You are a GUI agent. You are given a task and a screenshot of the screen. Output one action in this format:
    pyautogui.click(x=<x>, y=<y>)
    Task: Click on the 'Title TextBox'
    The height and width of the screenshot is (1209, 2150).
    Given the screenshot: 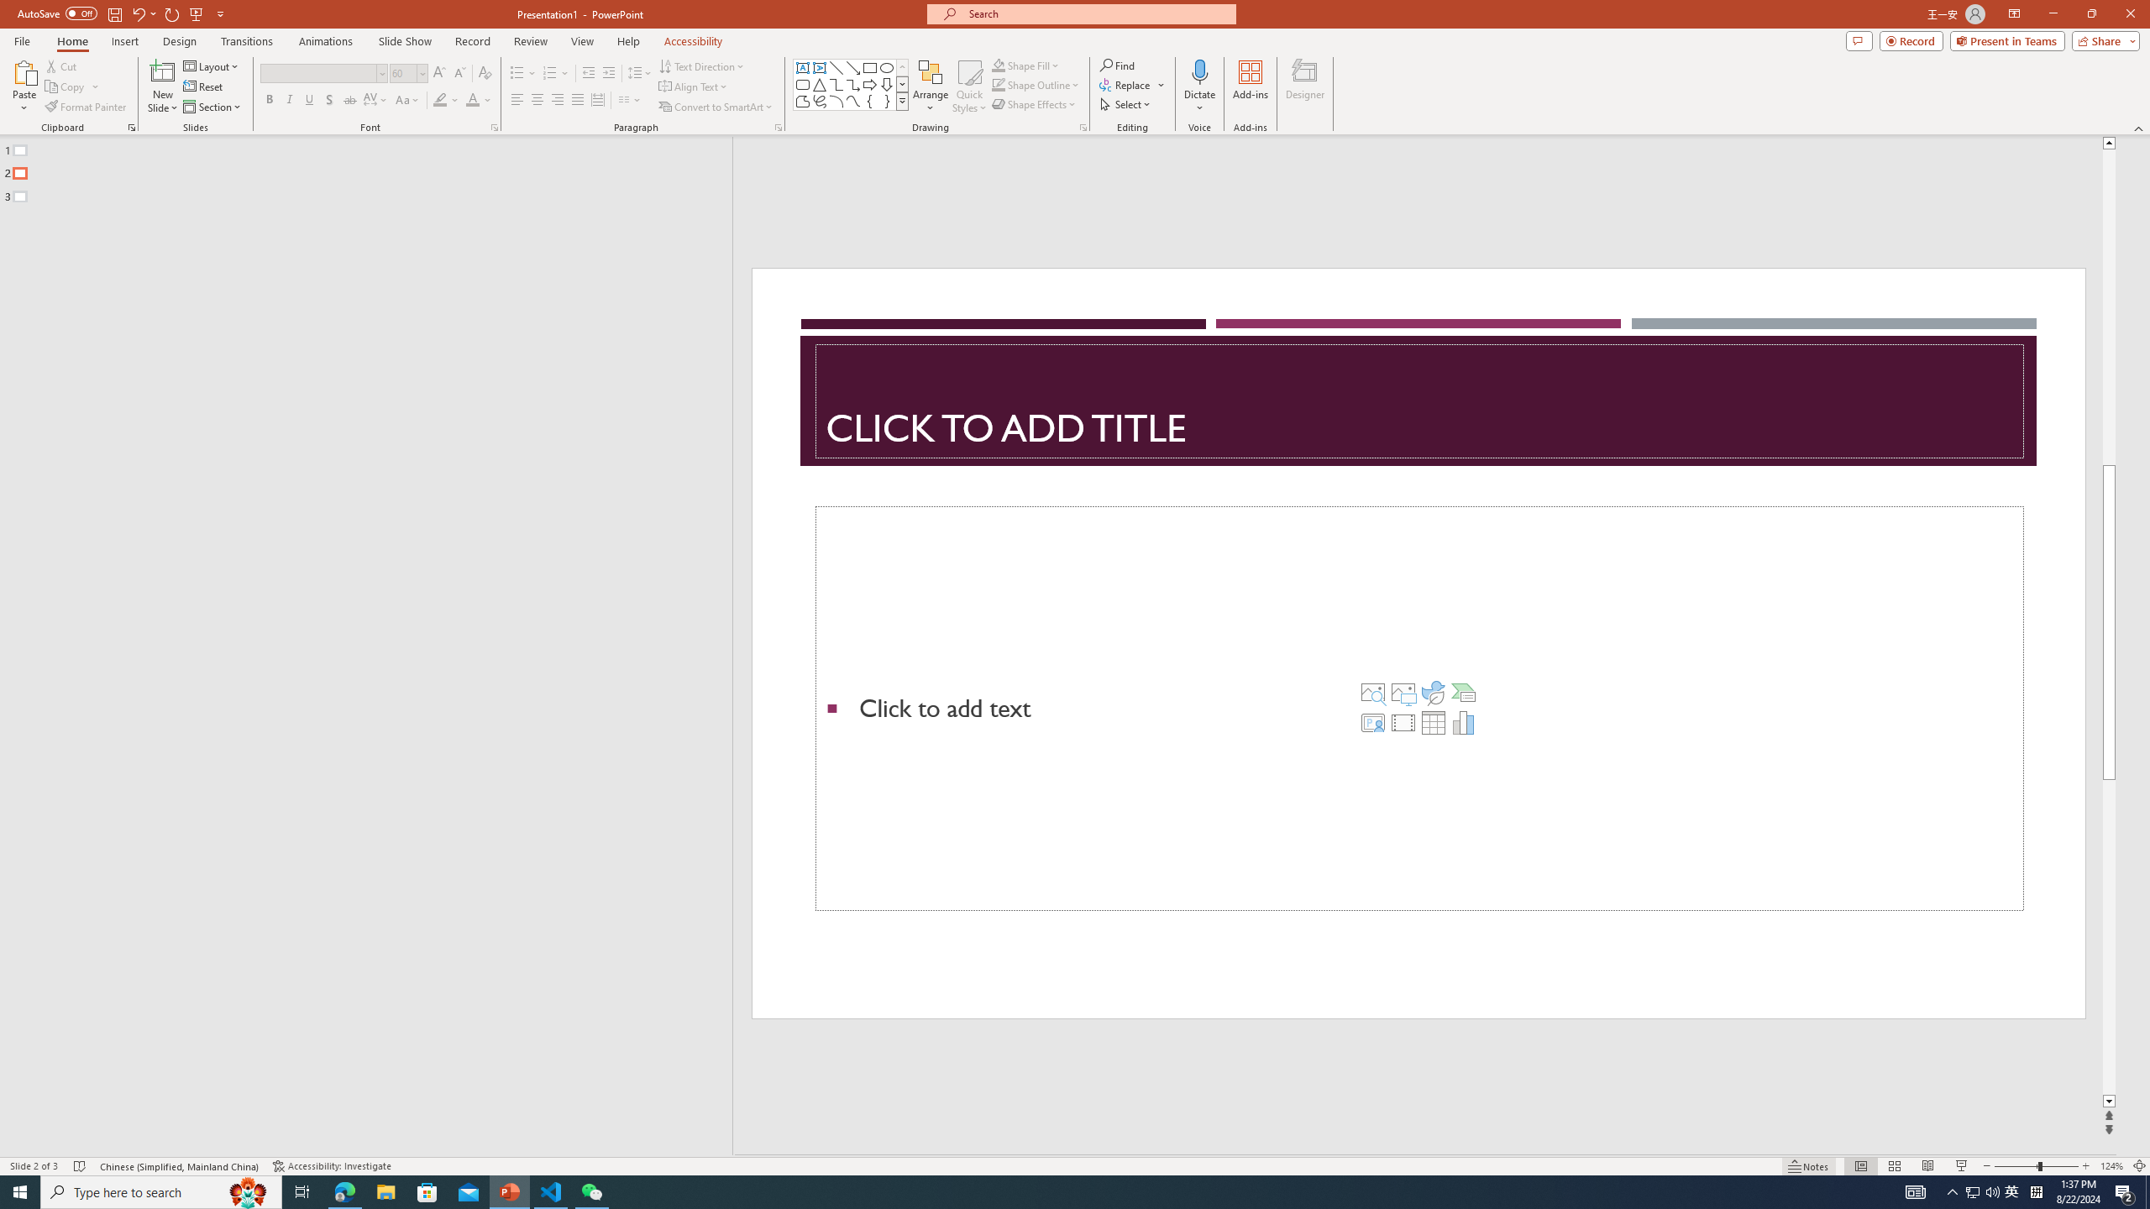 What is the action you would take?
    pyautogui.click(x=1418, y=401)
    